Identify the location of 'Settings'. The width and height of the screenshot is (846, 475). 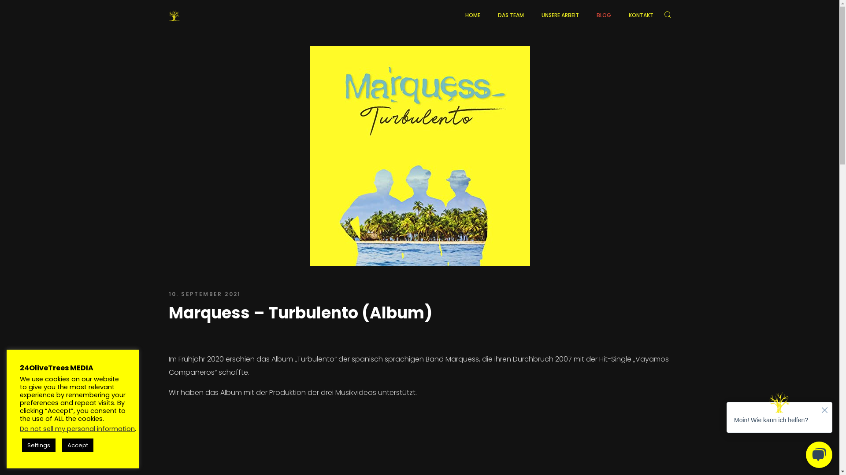
(38, 445).